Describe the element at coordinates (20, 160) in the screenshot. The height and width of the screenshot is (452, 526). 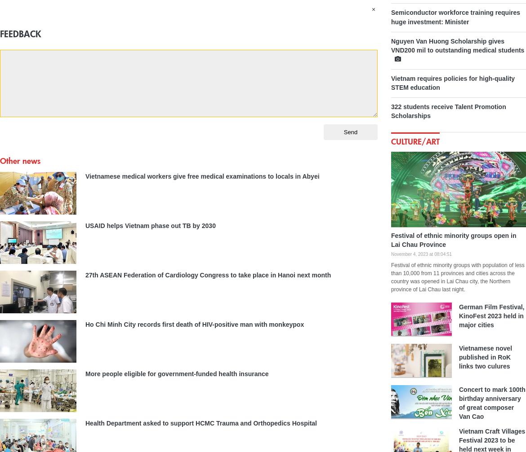
I see `'Other news'` at that location.